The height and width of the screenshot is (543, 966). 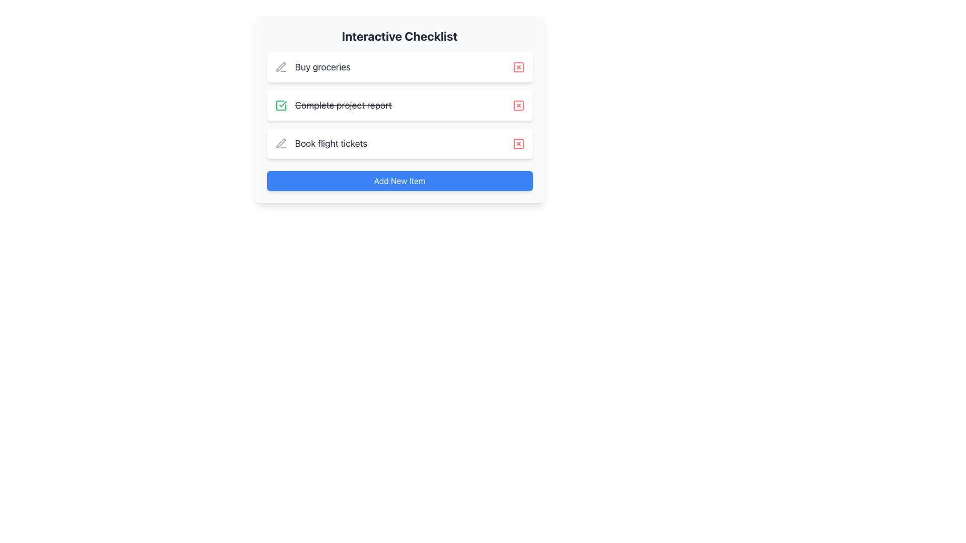 I want to click on the checklist widget to mark items as completed, so click(x=399, y=110).